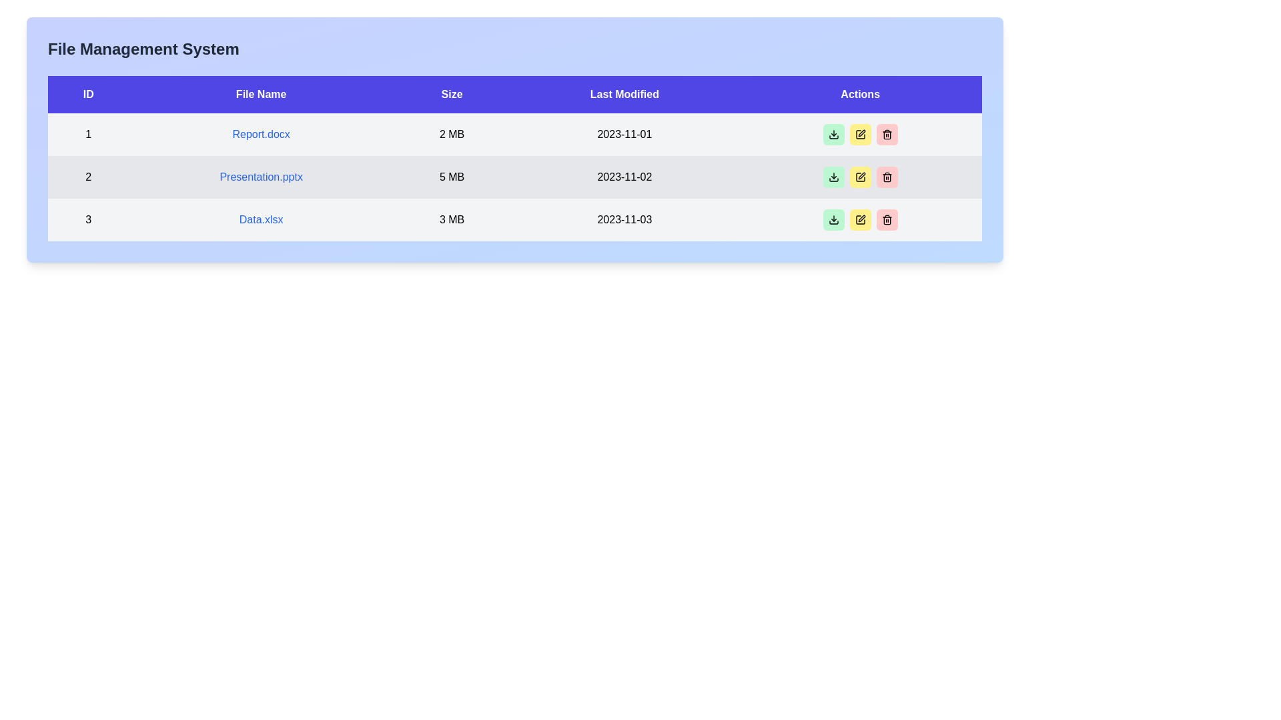 This screenshot has height=720, width=1281. Describe the element at coordinates (87, 134) in the screenshot. I see `the ID number element in the first cell of the first row under the 'ID' column of the file management table, which corresponds to the file 'Report.docx'` at that location.